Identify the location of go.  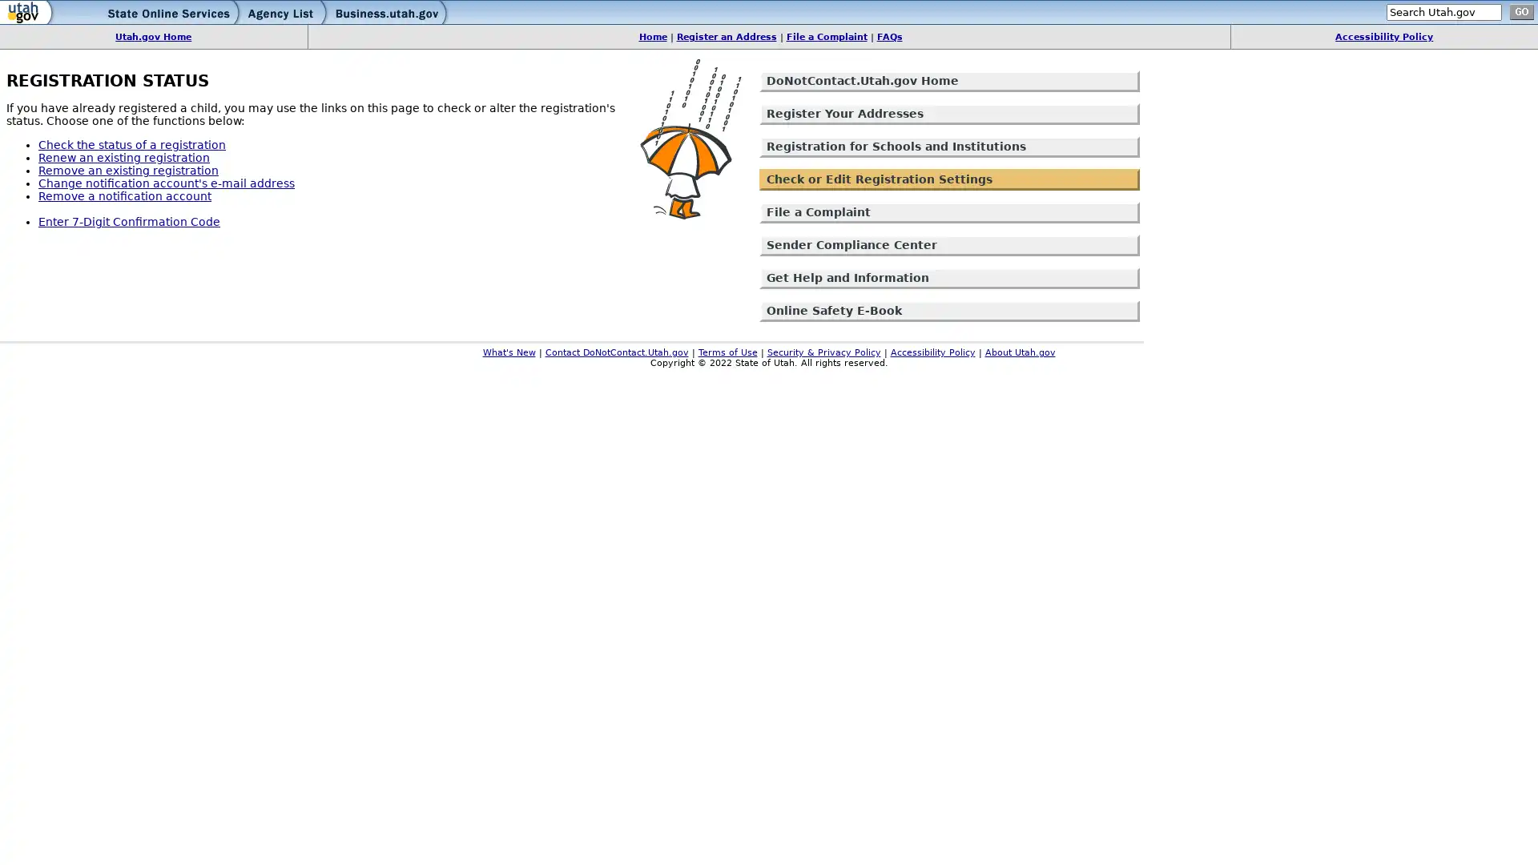
(1521, 12).